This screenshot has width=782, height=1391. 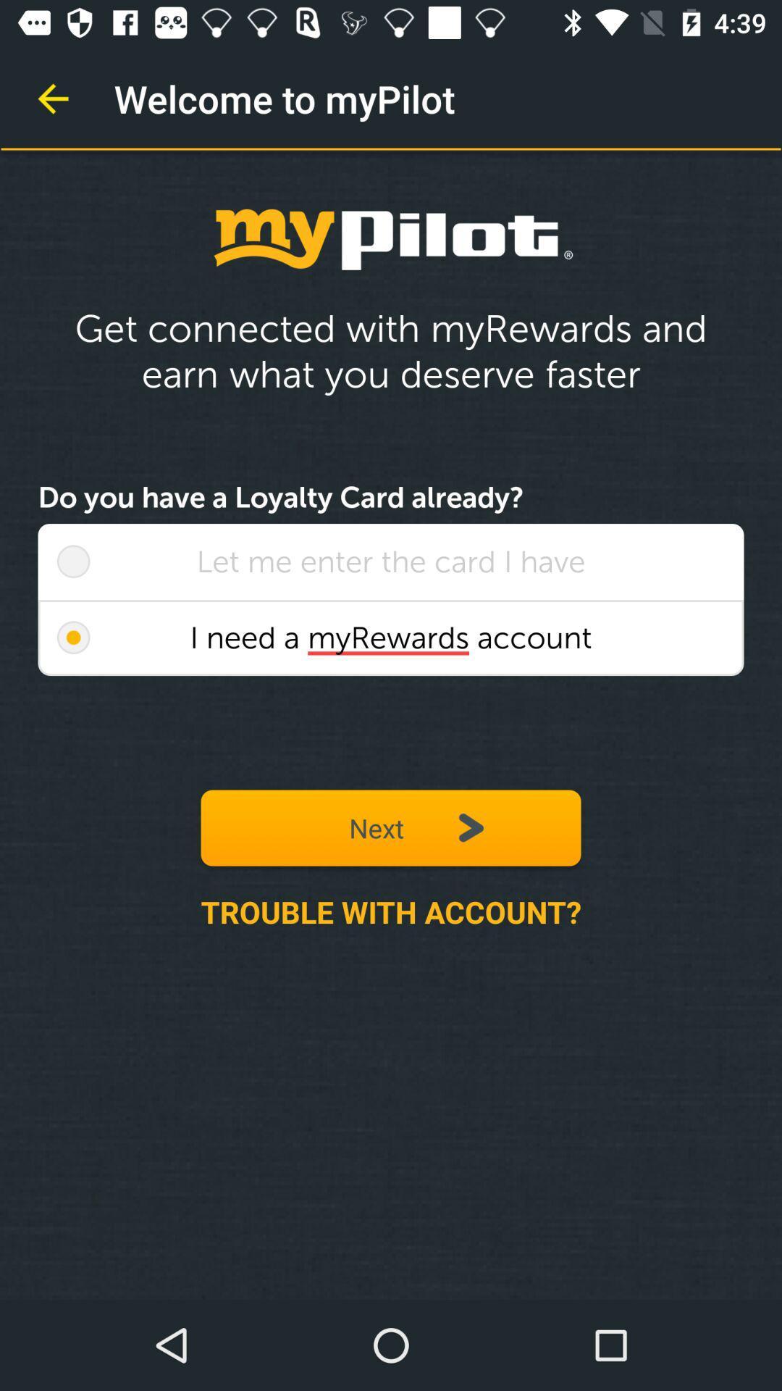 What do you see at coordinates (52, 98) in the screenshot?
I see `item next to welcome to mypilot item` at bounding box center [52, 98].